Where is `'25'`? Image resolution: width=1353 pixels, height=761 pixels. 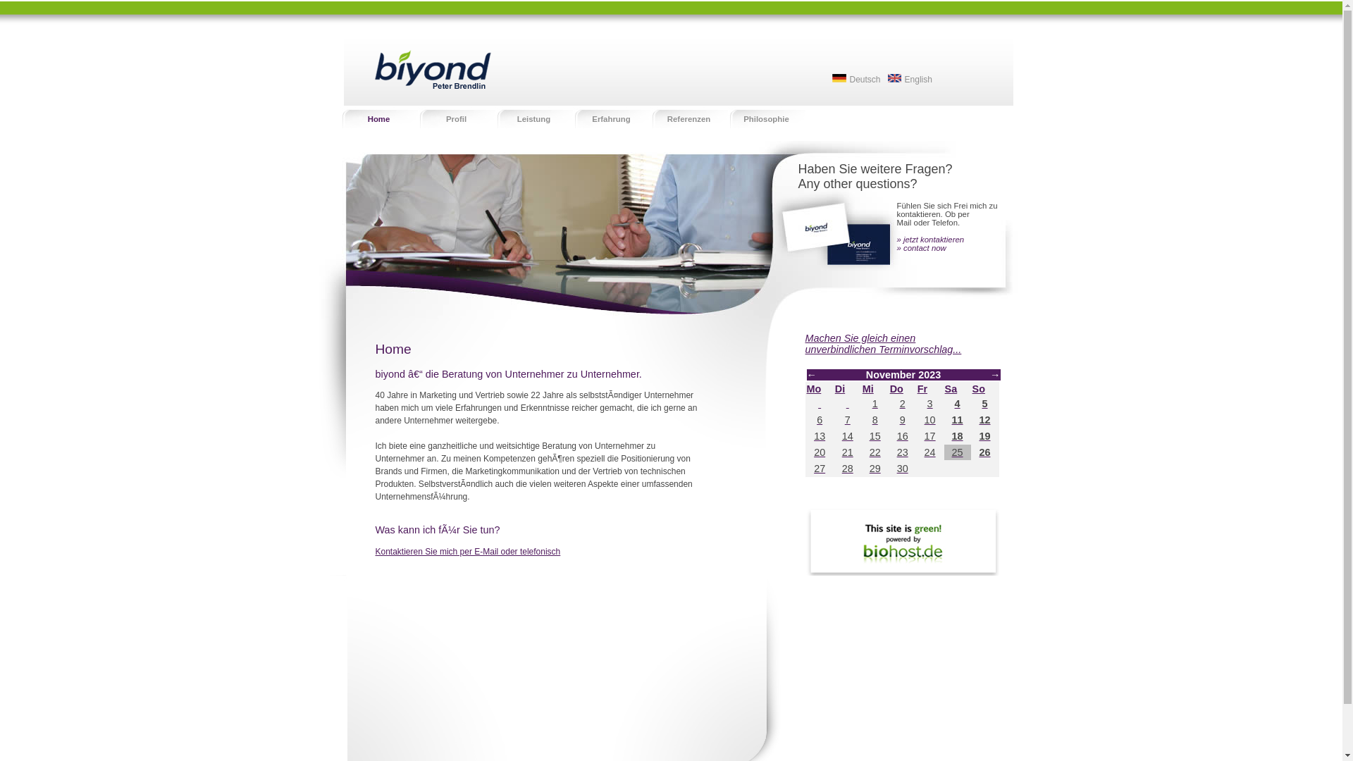 '25' is located at coordinates (951, 452).